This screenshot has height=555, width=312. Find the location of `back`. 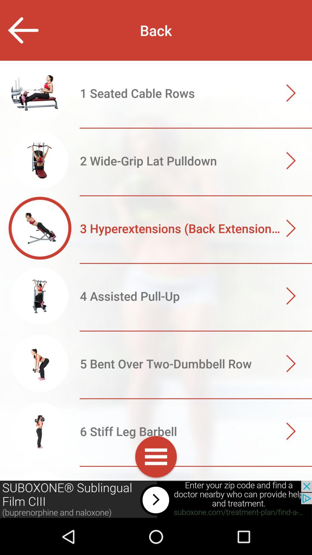

back is located at coordinates (23, 30).